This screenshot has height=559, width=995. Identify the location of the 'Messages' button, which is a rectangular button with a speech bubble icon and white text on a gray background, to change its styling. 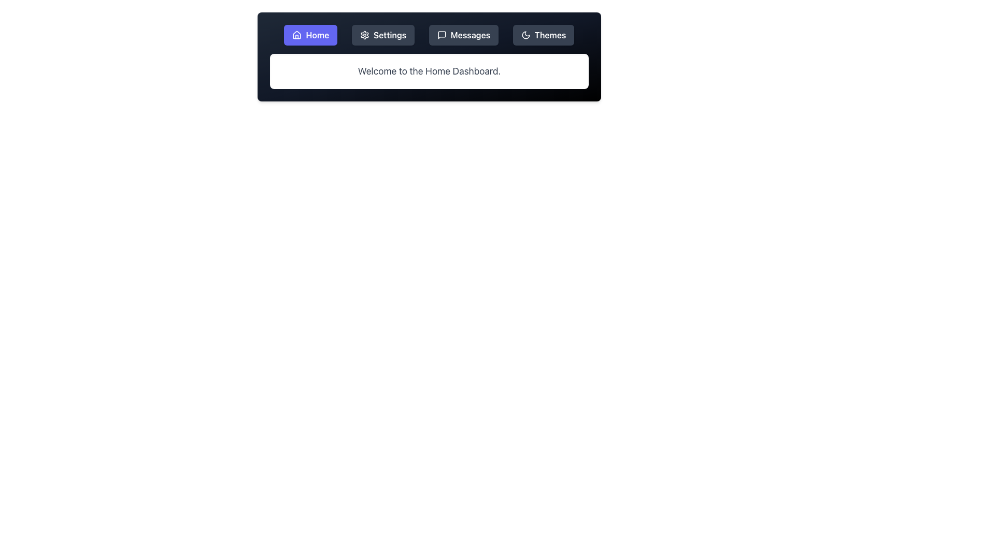
(463, 35).